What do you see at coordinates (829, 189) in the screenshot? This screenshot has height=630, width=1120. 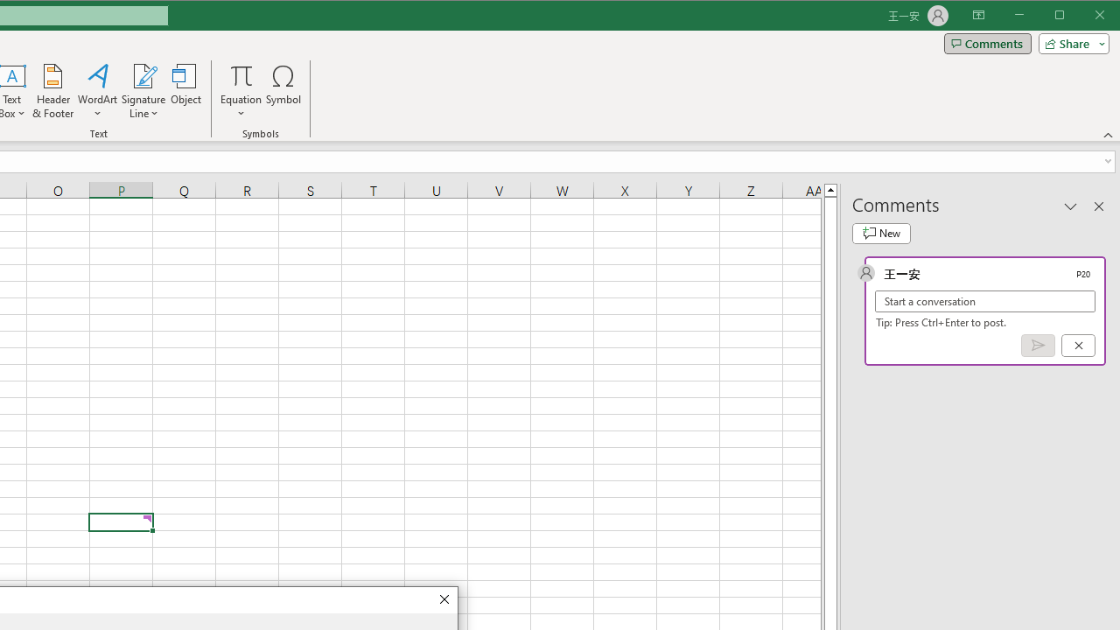 I see `'Line up'` at bounding box center [829, 189].